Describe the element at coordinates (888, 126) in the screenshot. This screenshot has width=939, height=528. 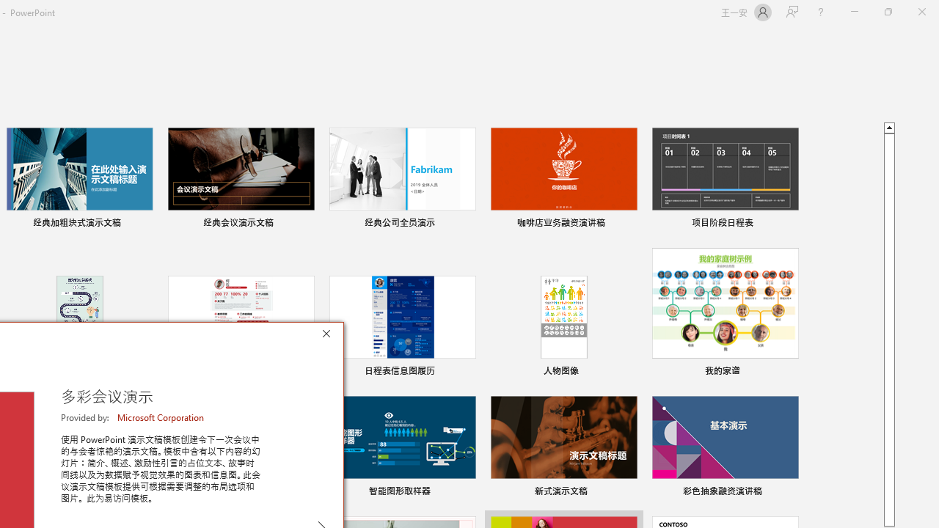
I see `'Line up'` at that location.